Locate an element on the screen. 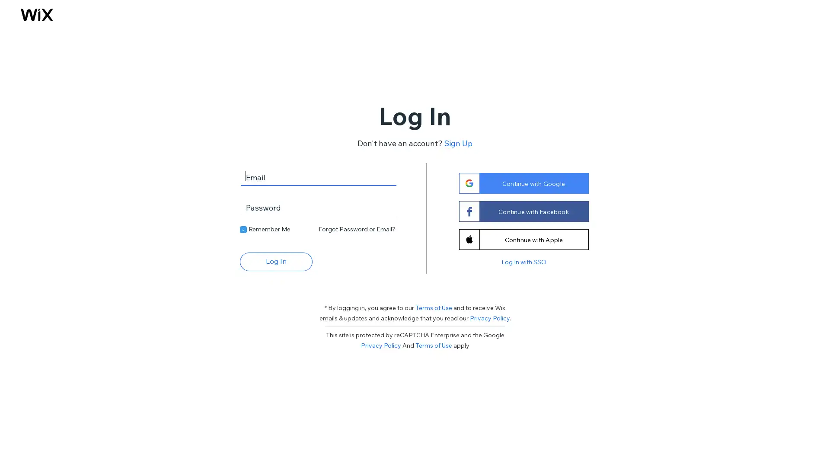 The image size is (830, 467). Continue with Facebook is located at coordinates (523, 211).